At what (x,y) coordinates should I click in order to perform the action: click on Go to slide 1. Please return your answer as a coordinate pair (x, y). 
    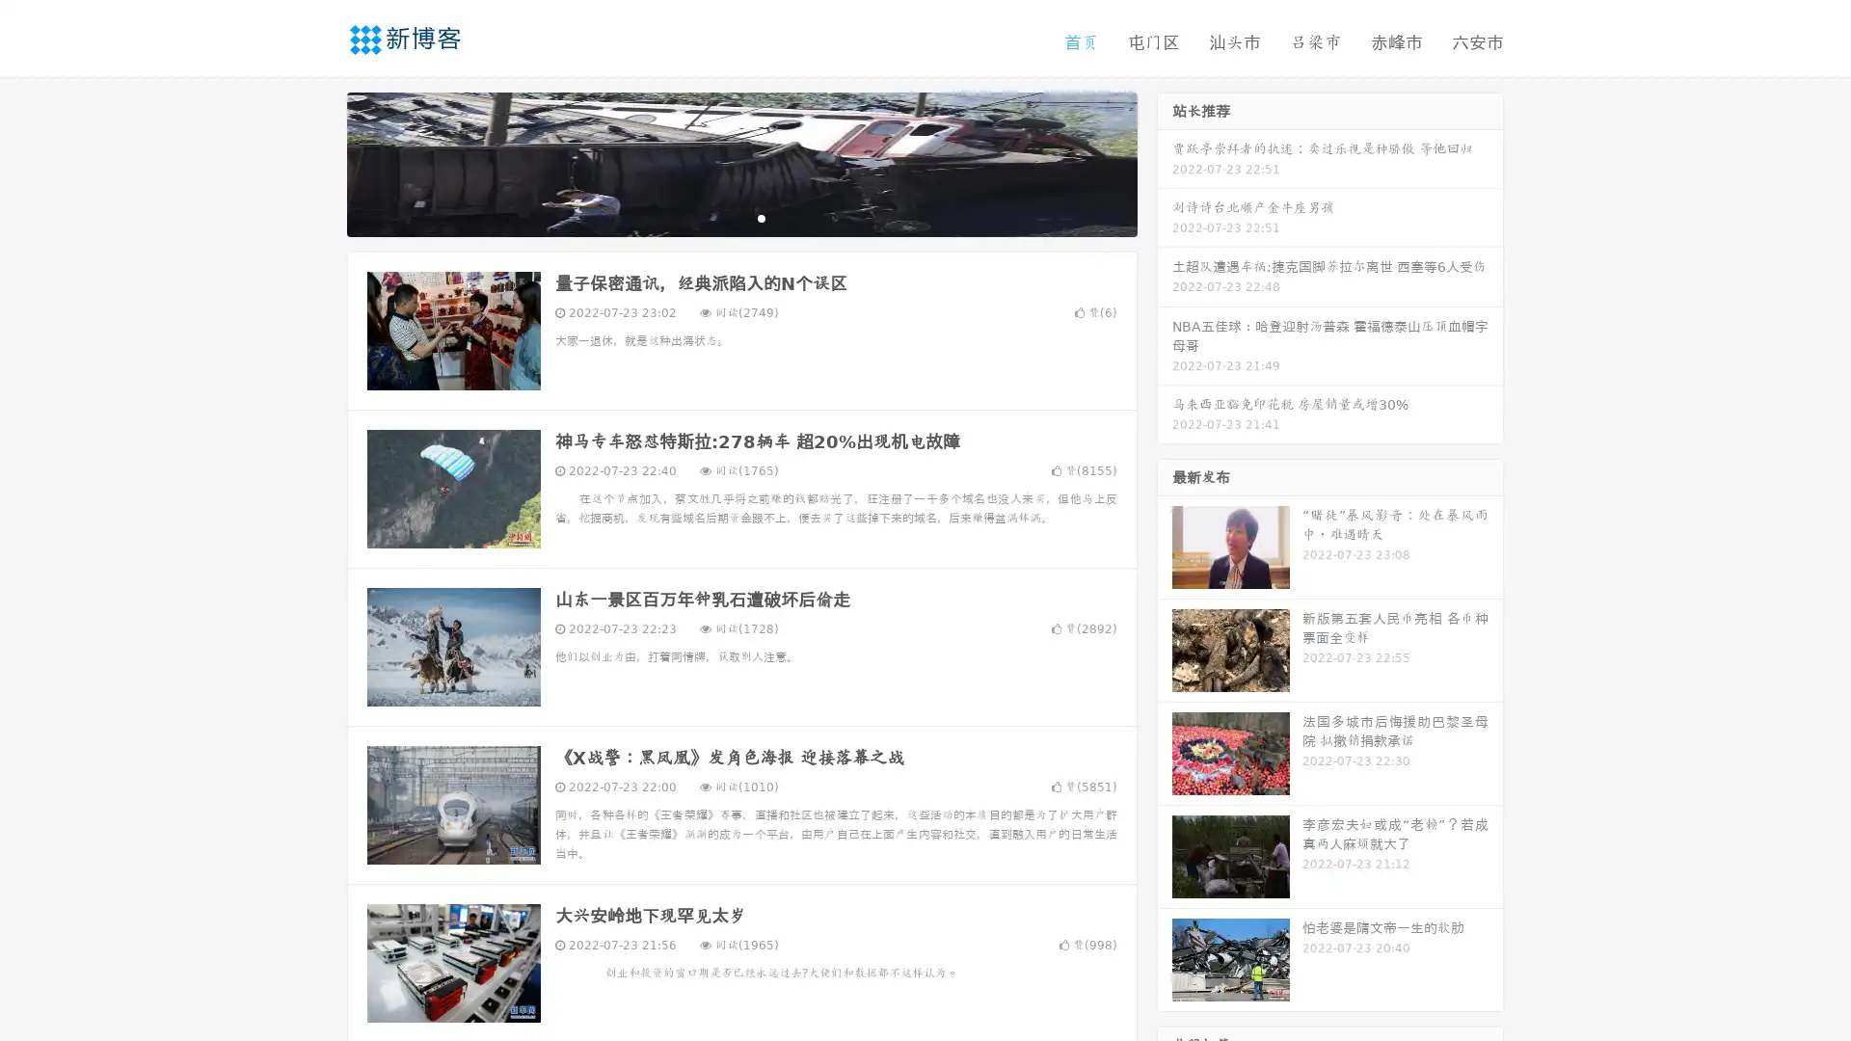
    Looking at the image, I should click on (721, 217).